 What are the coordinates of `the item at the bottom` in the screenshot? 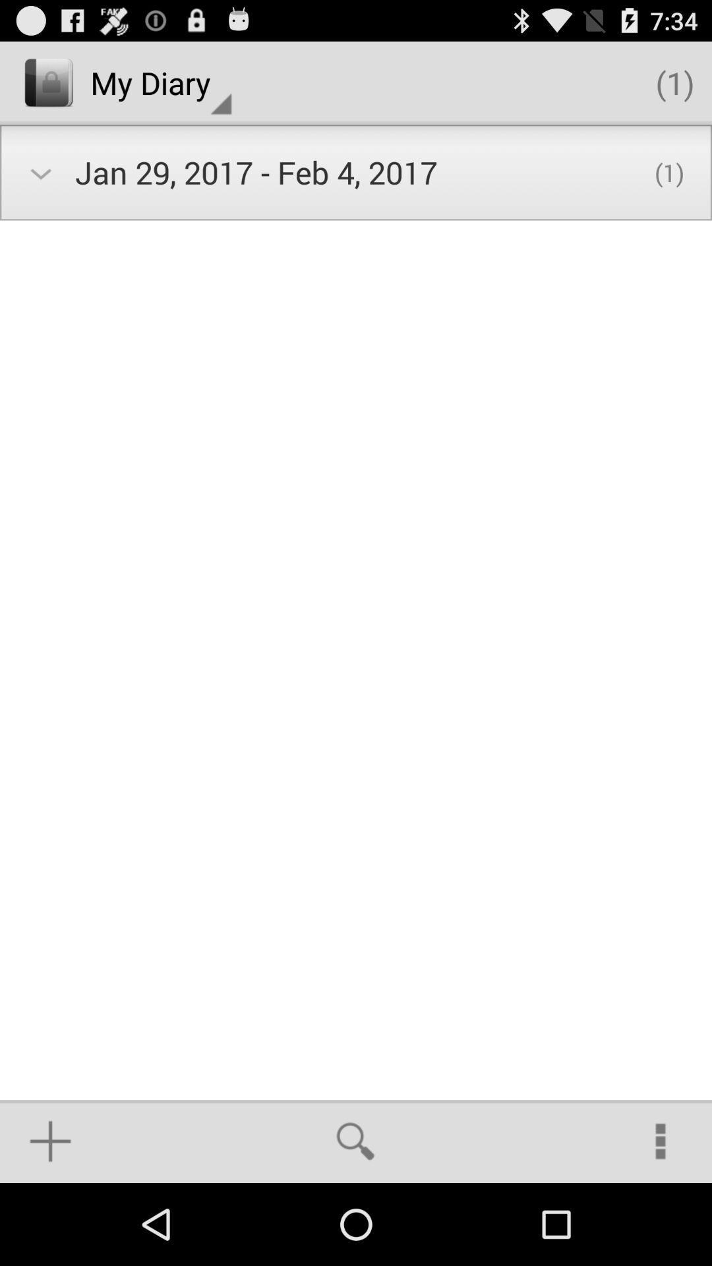 It's located at (355, 1141).